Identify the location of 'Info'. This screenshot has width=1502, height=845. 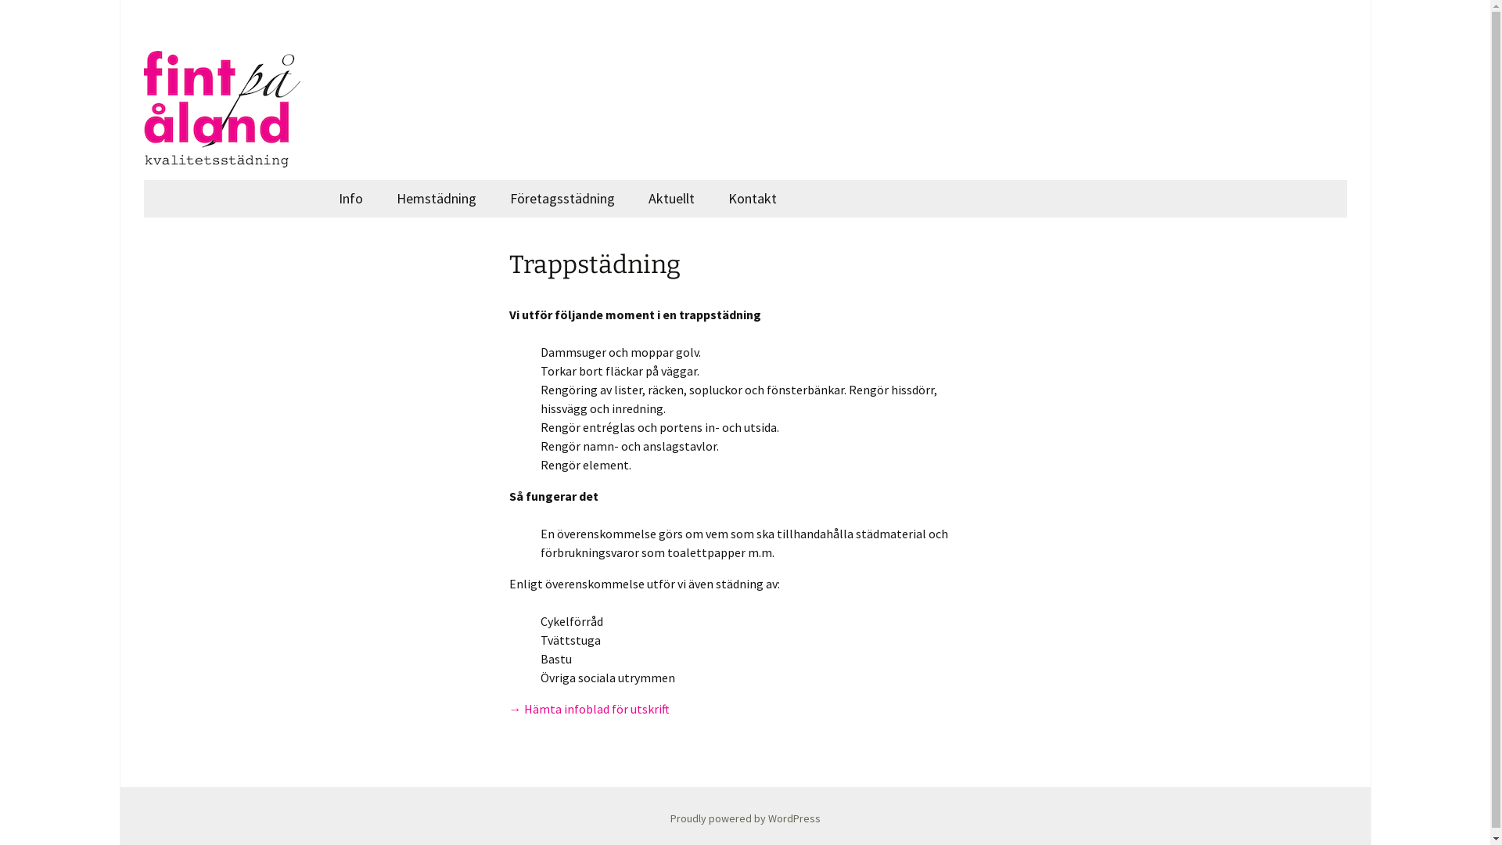
(349, 198).